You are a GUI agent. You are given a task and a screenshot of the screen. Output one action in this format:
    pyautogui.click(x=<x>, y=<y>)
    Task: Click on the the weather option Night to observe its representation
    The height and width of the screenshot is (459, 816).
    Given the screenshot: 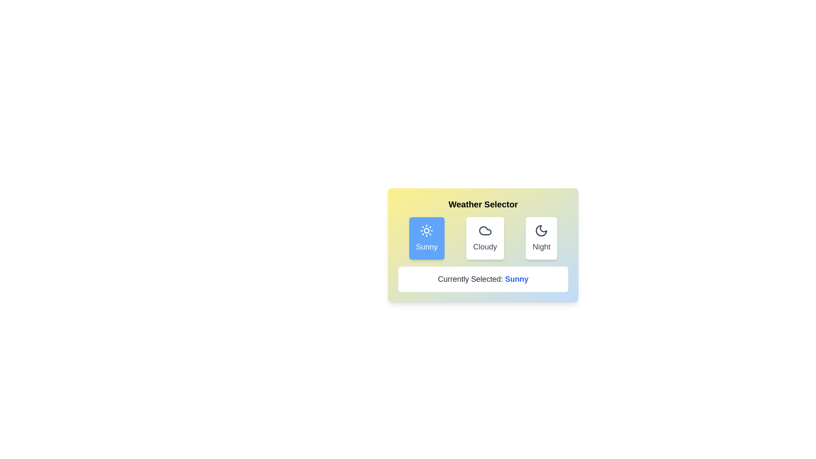 What is the action you would take?
    pyautogui.click(x=541, y=238)
    